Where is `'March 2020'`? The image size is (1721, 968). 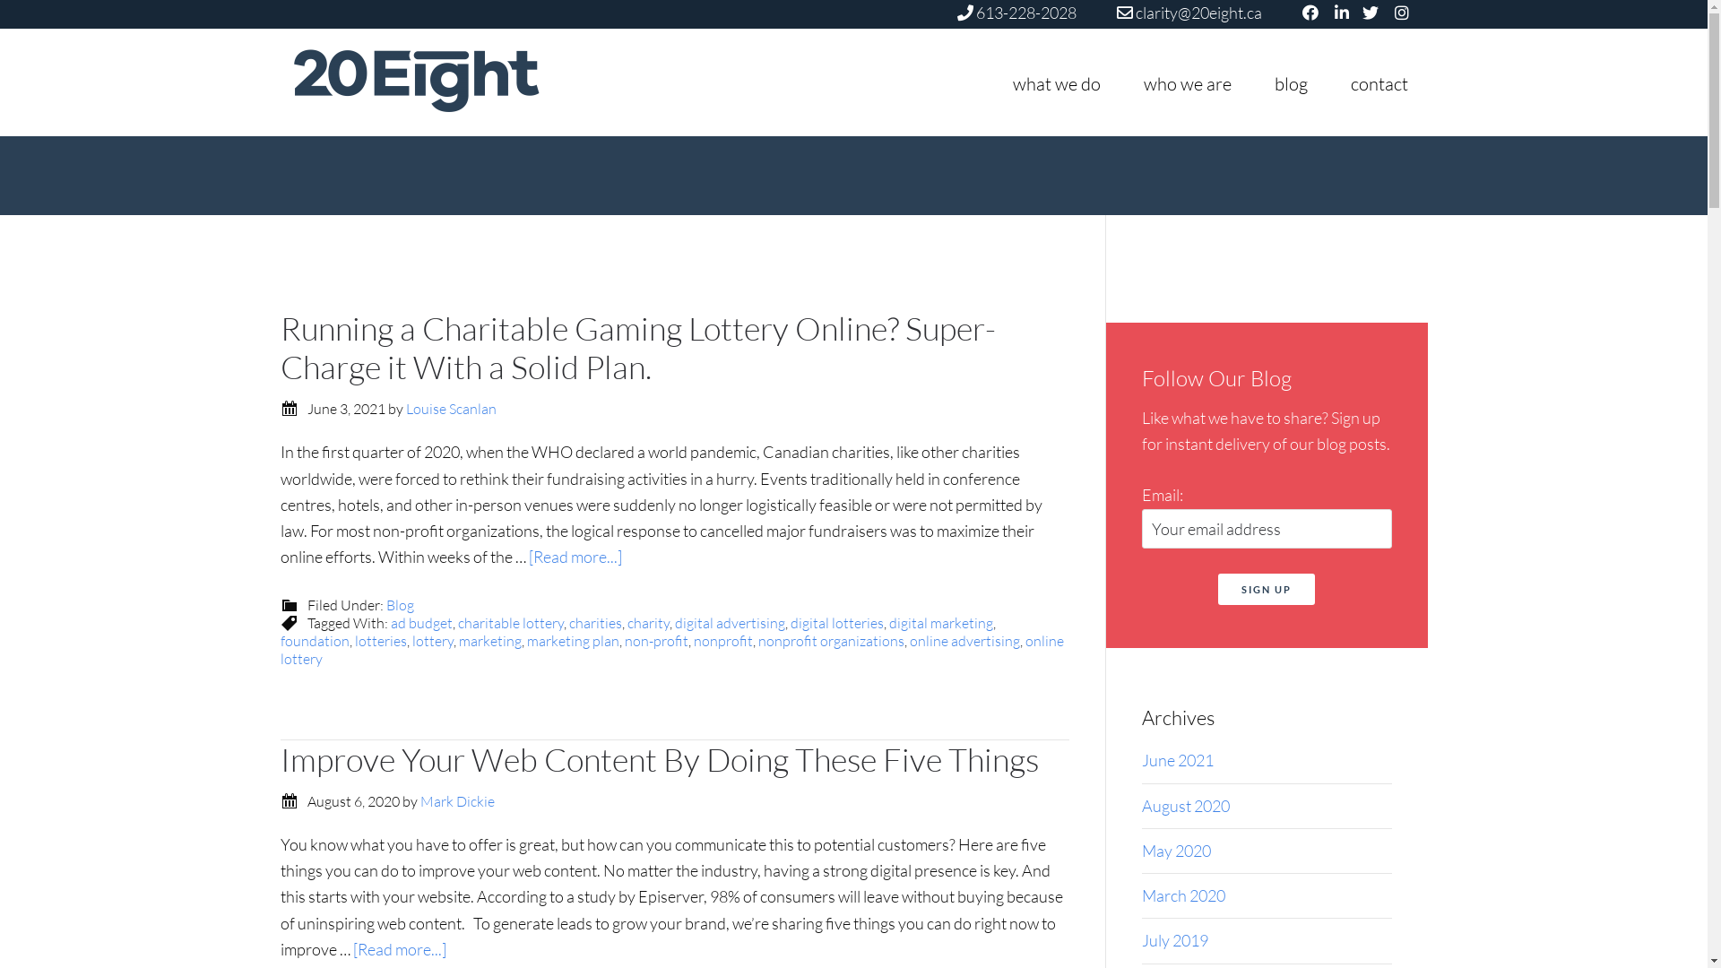
'March 2020' is located at coordinates (1183, 895).